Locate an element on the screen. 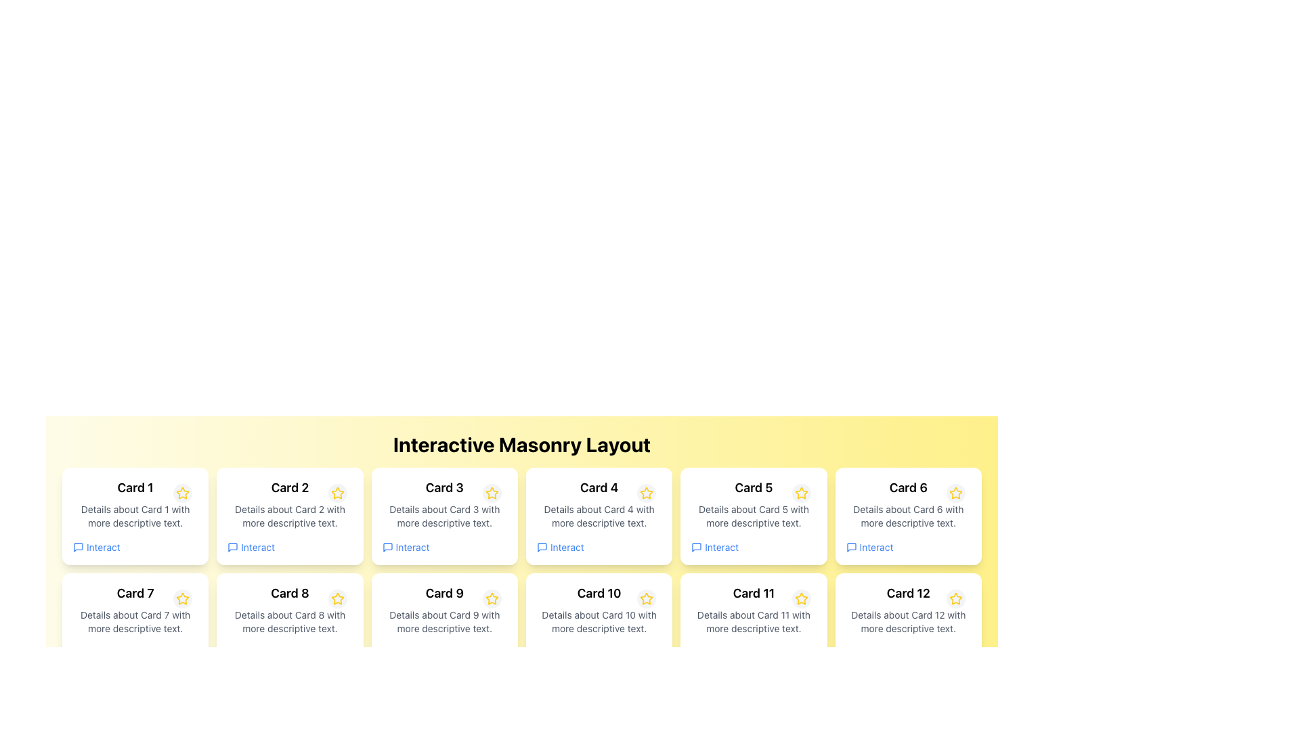 The height and width of the screenshot is (731, 1300). the star icon on the informational card located in the second row, third column of the Interactive Masonry Layout grid to mark the item as favorite is located at coordinates (444, 621).